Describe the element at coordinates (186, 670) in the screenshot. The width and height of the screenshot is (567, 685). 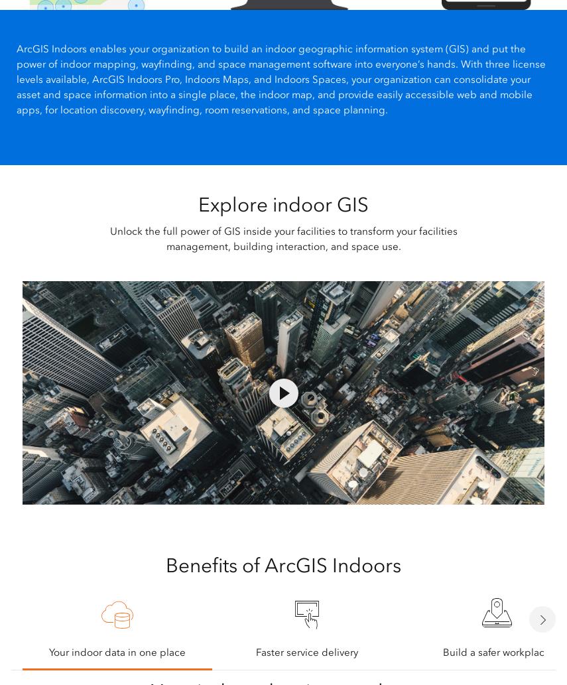
I see `'Sitemap'` at that location.